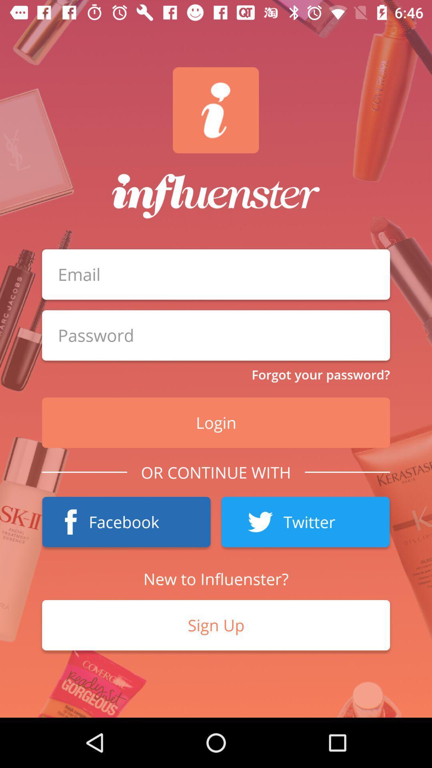  I want to click on address of mail id given, so click(216, 274).